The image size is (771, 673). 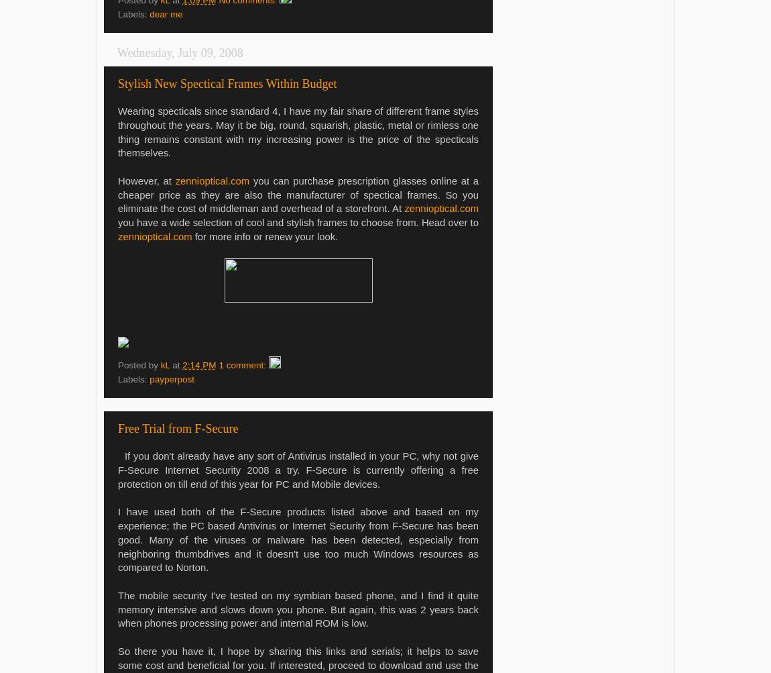 I want to click on 'for more info or renew your look.', so click(x=265, y=236).